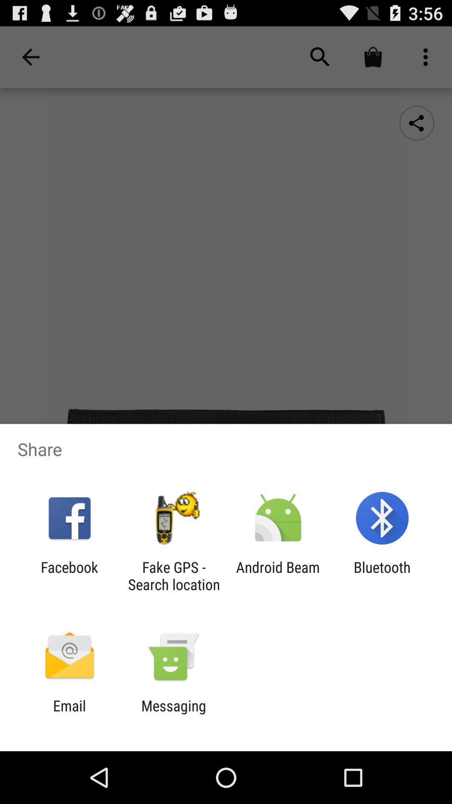 Image resolution: width=452 pixels, height=804 pixels. I want to click on android beam icon, so click(278, 575).